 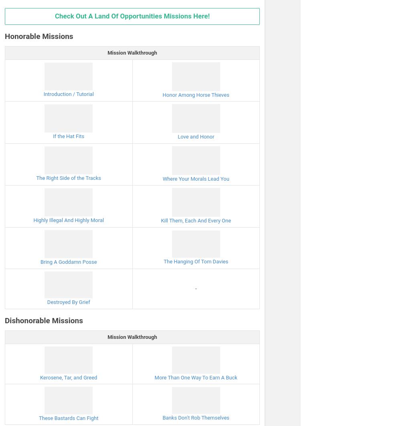 What do you see at coordinates (196, 261) in the screenshot?
I see `'The Hanging Of Tom Davies'` at bounding box center [196, 261].